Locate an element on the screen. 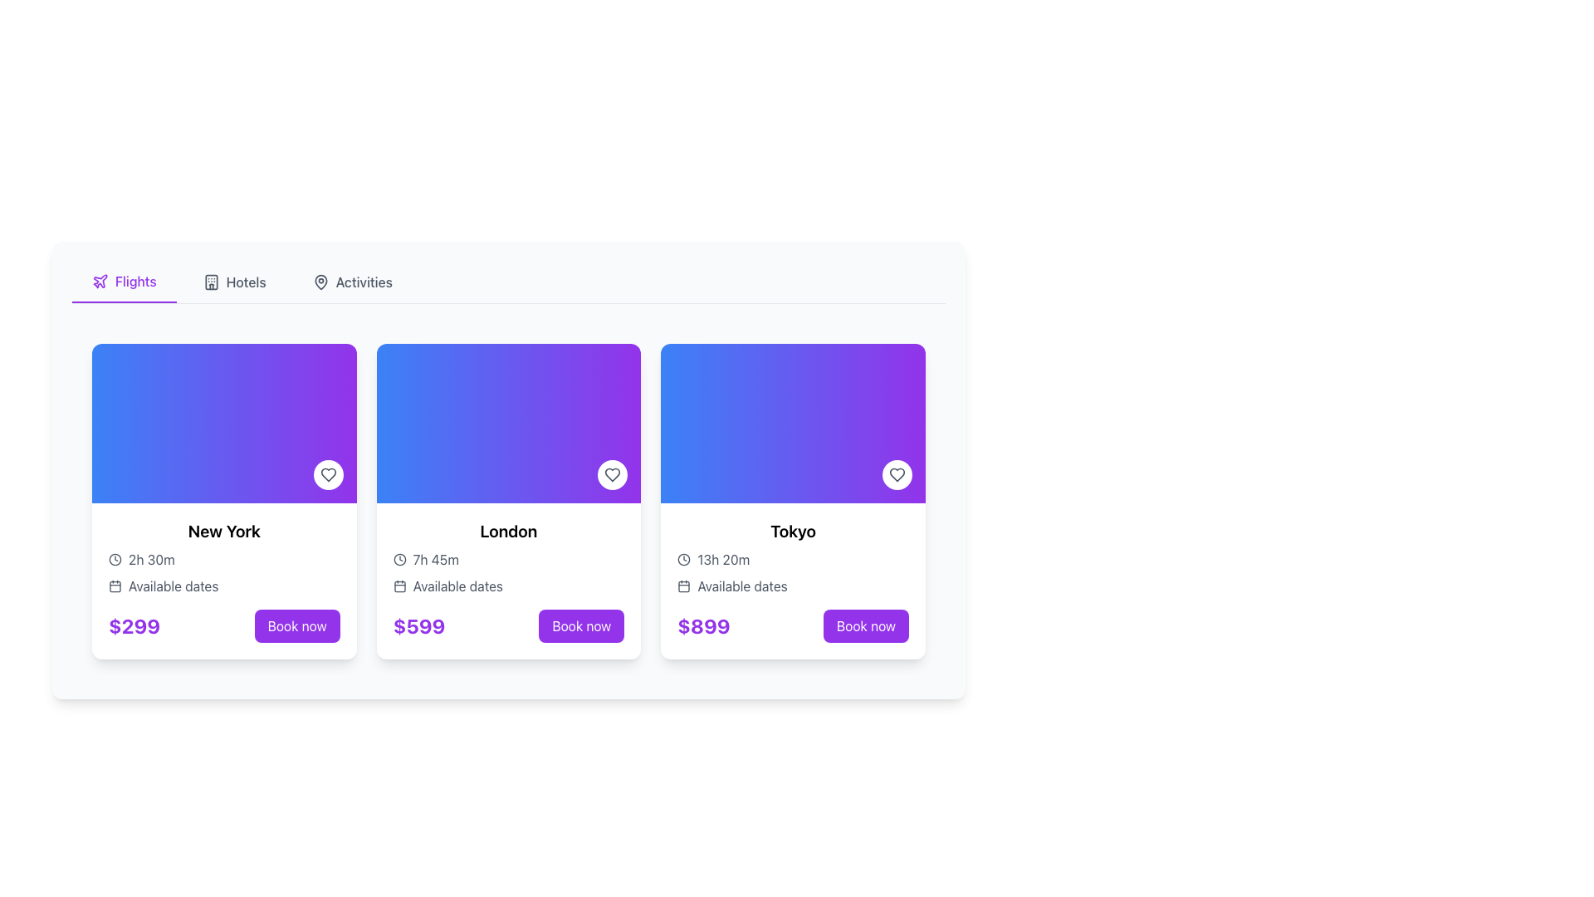  the 'Hotels' category icon located in the top navigation bar, positioned between 'Flights' and 'Activities' is located at coordinates (210, 281).